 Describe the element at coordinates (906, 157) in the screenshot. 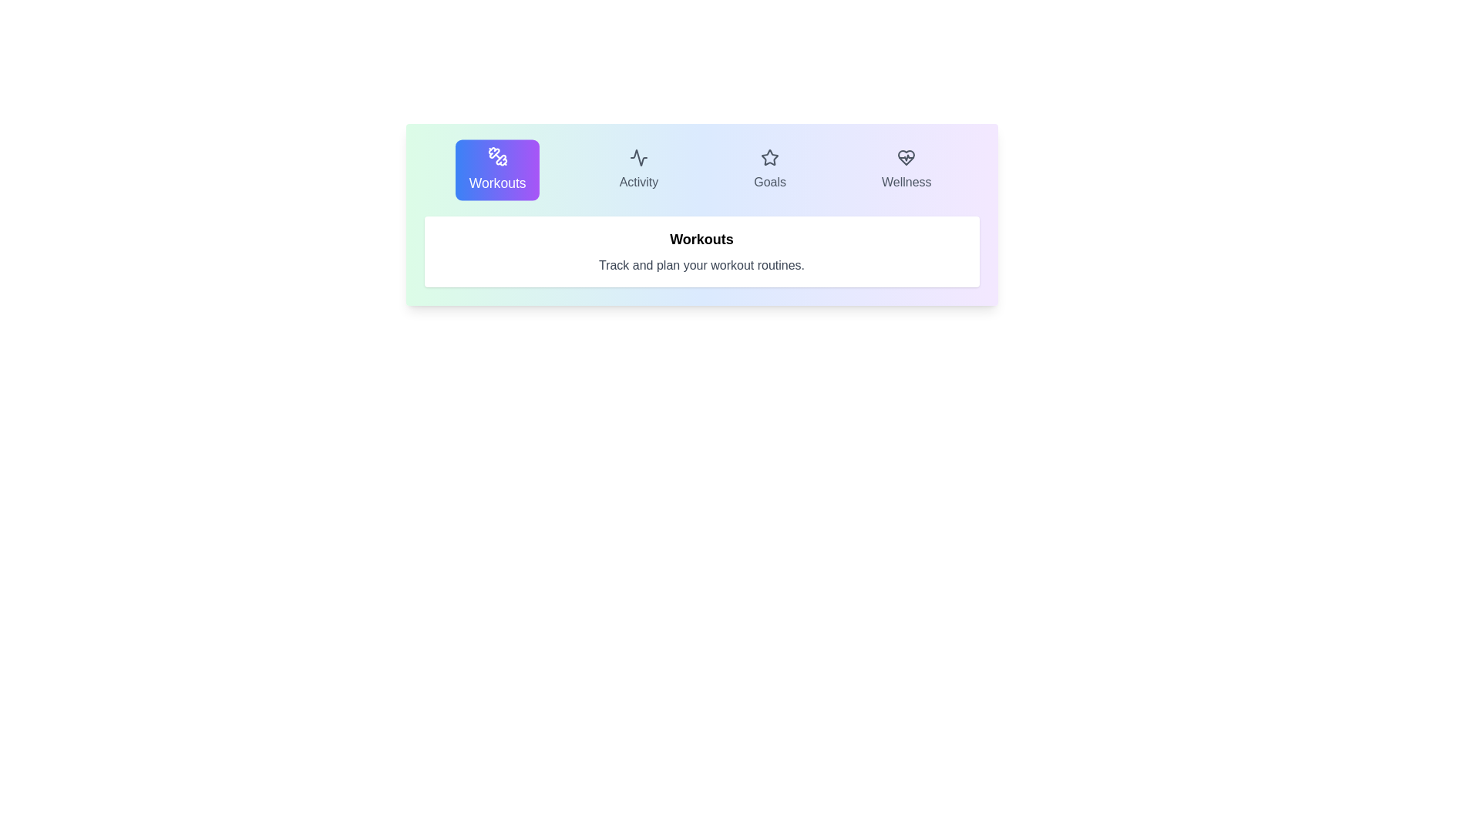

I see `the 'Wellness' or 'Health Metrics' button represented by a heart symbol, located in the bottom-right corner of the toolbar, which is the fourth button in the row` at that location.